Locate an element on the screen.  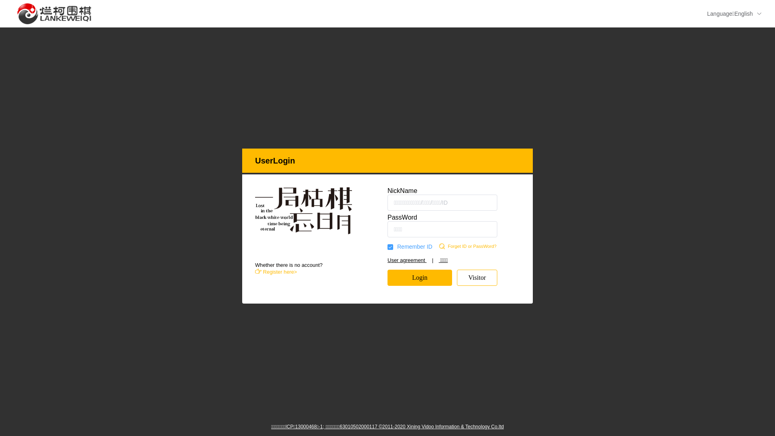
'Register here>' is located at coordinates (276, 272).